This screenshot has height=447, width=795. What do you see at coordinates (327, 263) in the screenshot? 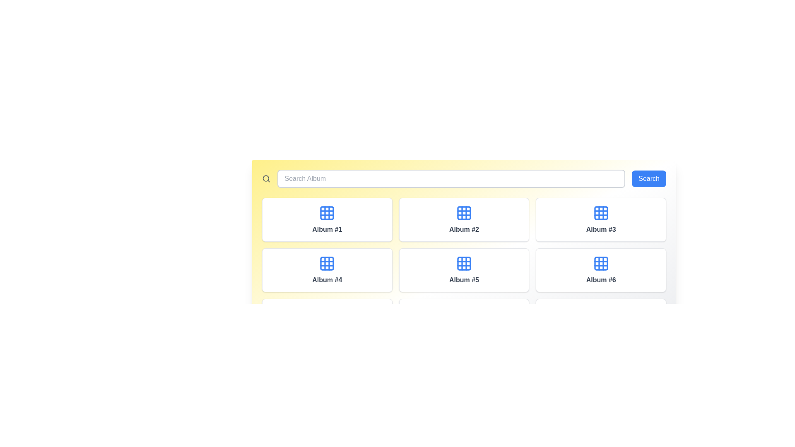
I see `visual decoration representing the central cell within the 3x3 grid icon, located in the middle cell of the grid in the fourth item slot of the album list` at bounding box center [327, 263].